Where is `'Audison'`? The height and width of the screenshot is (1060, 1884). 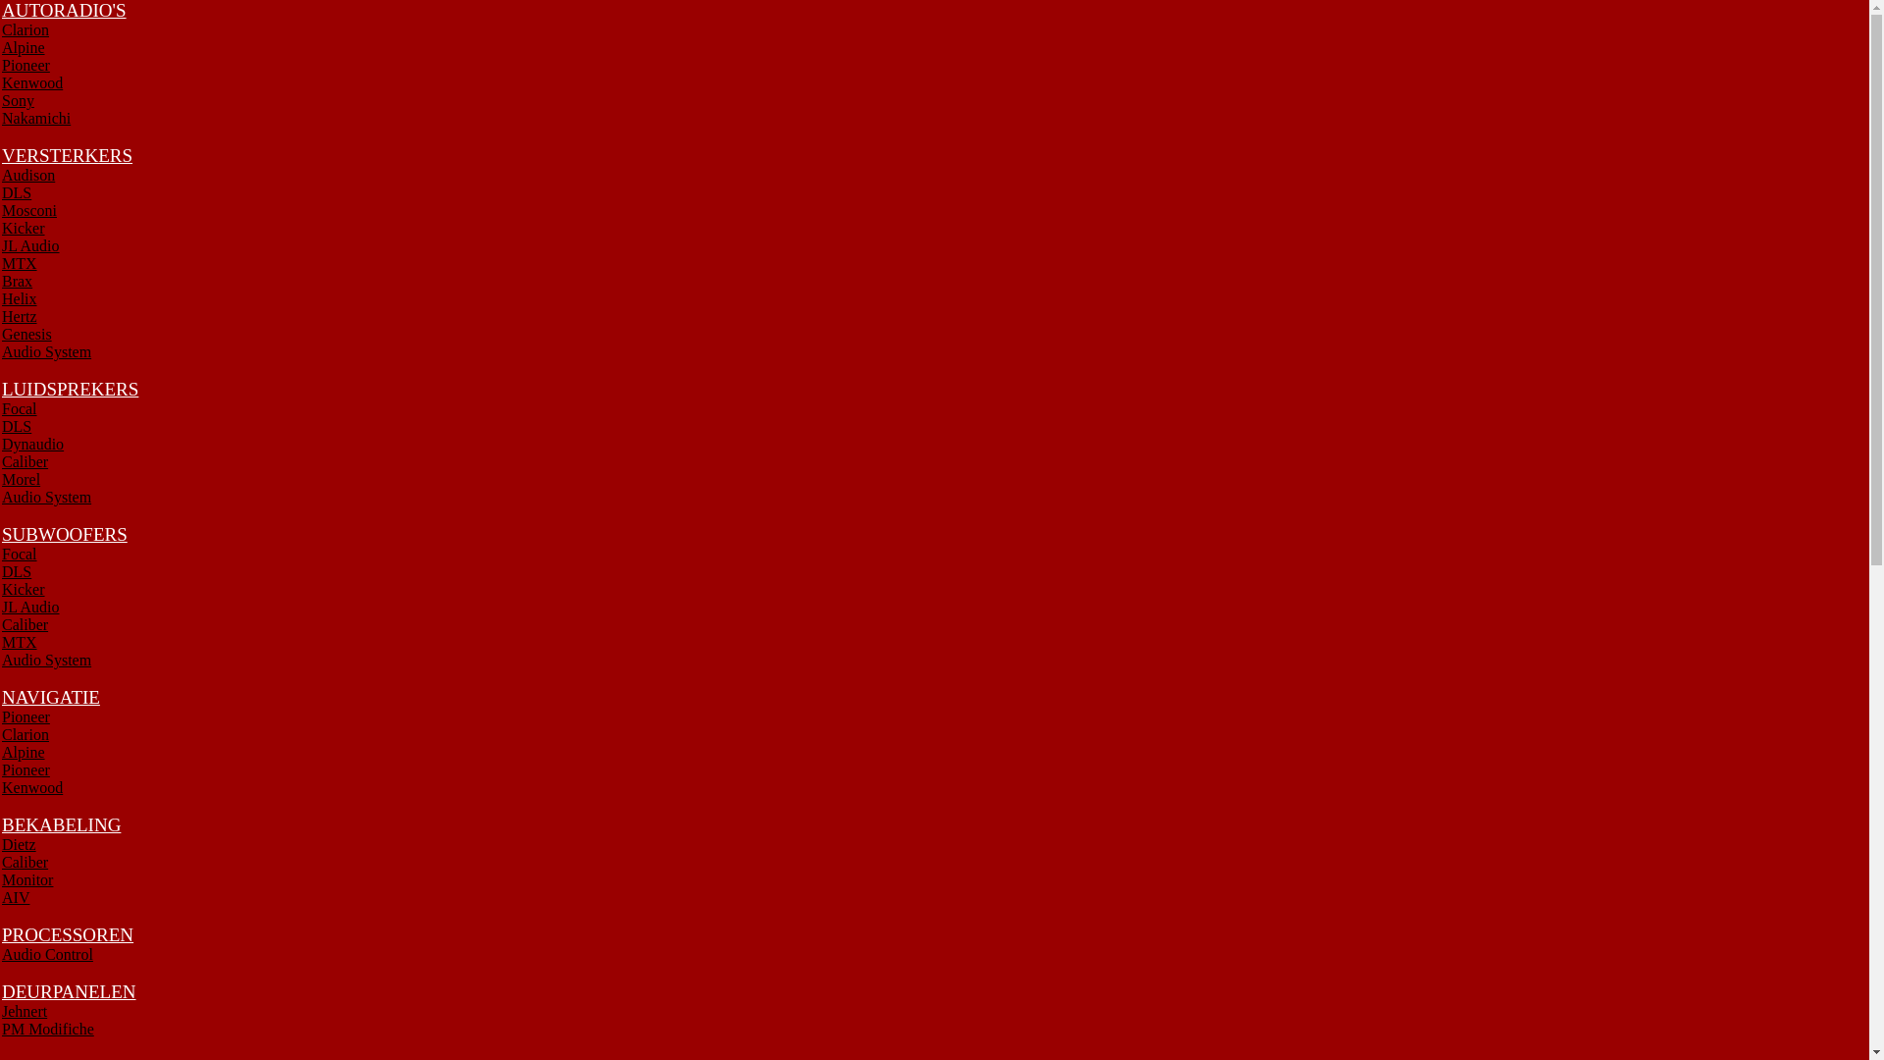
'Audison' is located at coordinates (27, 174).